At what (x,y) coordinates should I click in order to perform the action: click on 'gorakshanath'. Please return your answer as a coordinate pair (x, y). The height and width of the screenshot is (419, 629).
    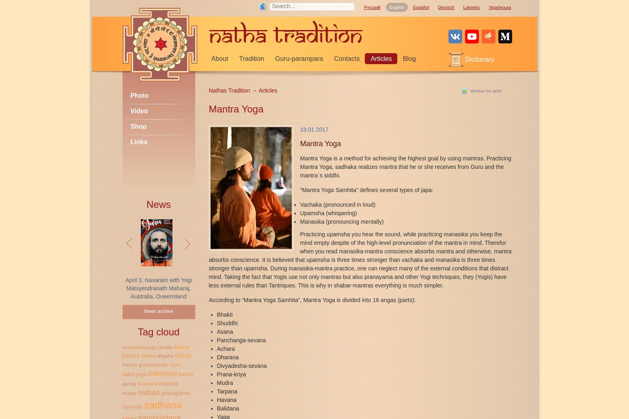
    Looking at the image, I should click on (138, 365).